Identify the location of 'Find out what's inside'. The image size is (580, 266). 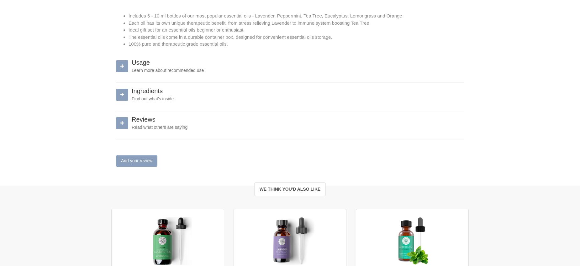
(152, 98).